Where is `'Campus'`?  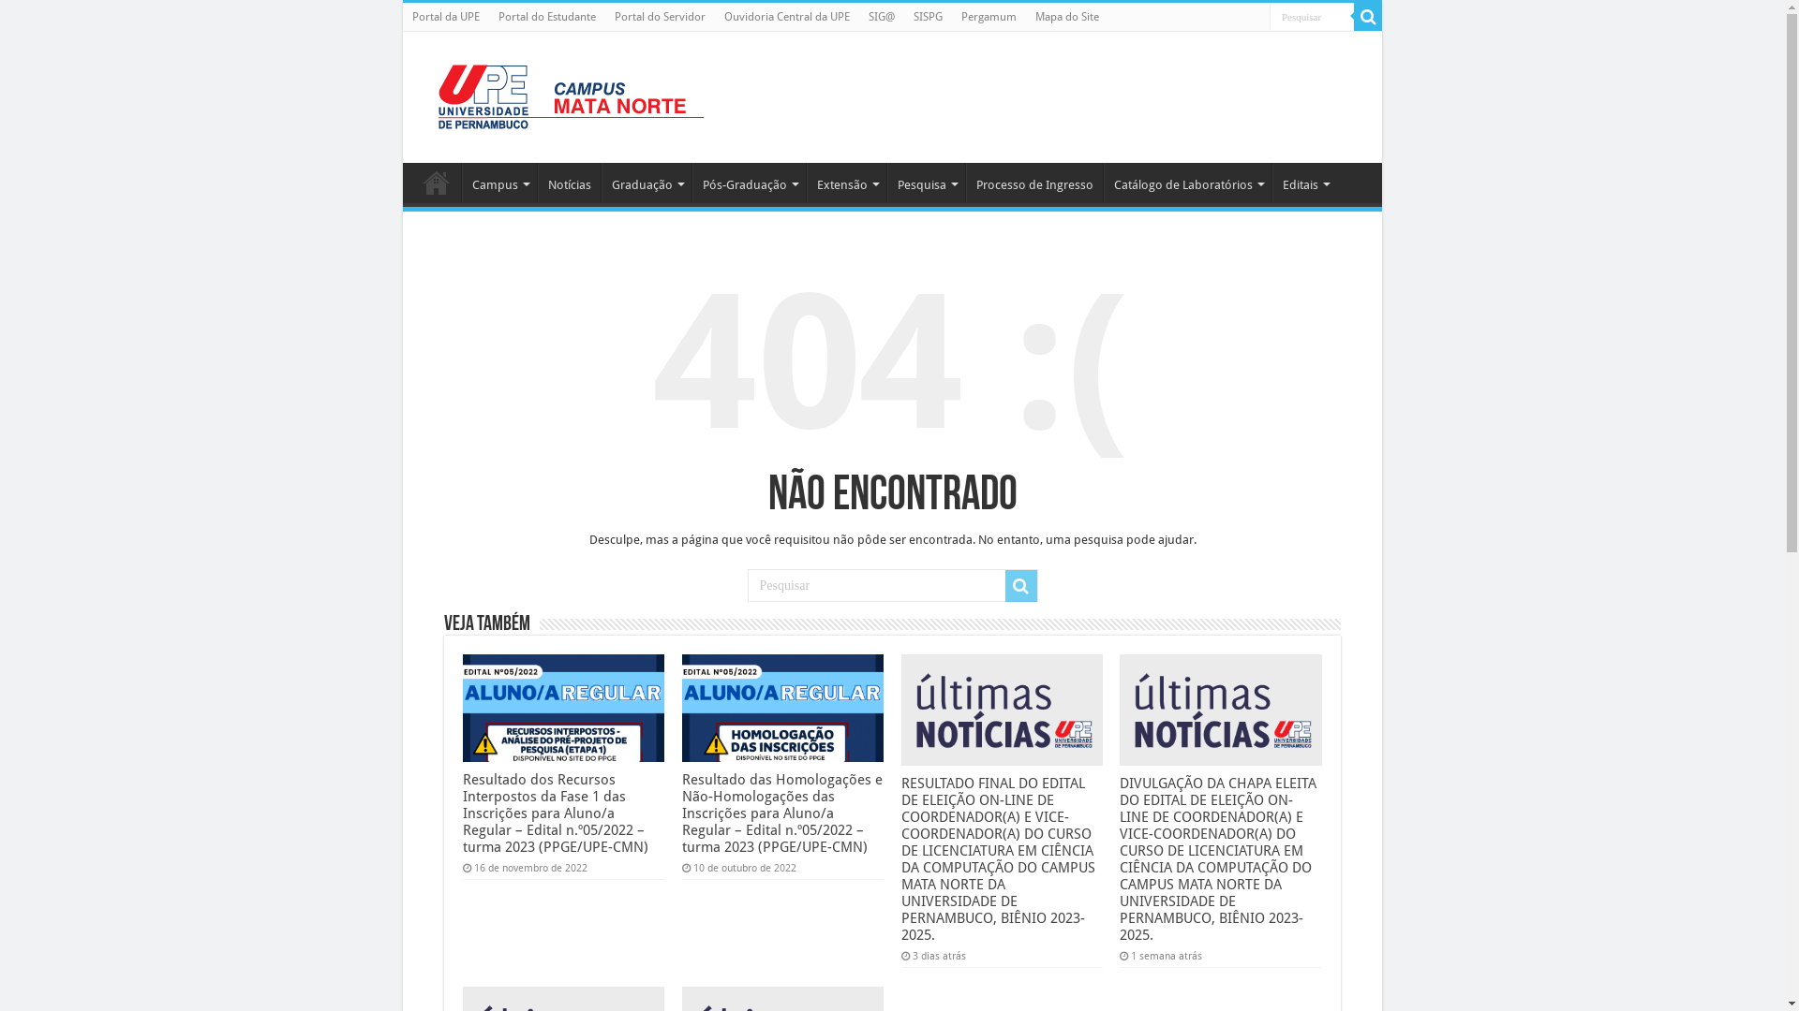 'Campus' is located at coordinates (462, 183).